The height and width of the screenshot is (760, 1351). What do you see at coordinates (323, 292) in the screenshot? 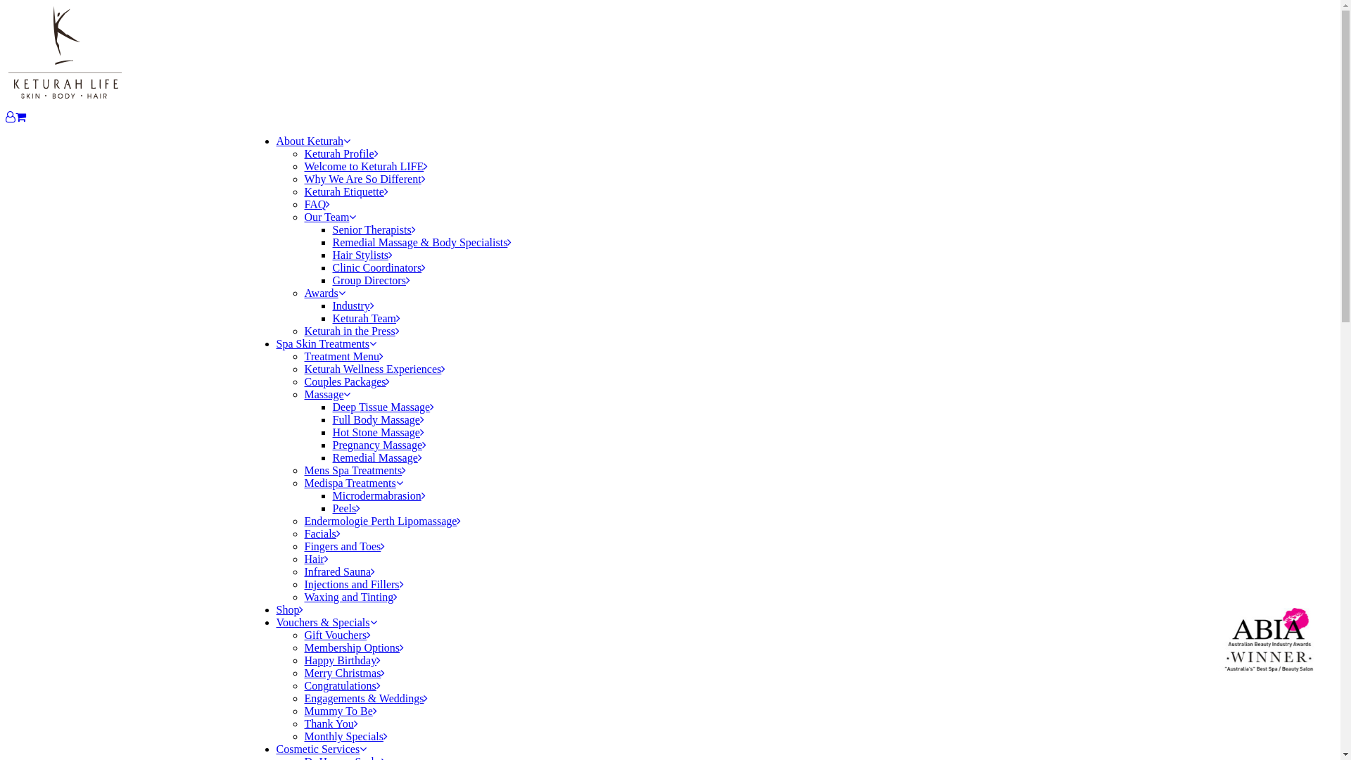
I see `'Awards'` at bounding box center [323, 292].